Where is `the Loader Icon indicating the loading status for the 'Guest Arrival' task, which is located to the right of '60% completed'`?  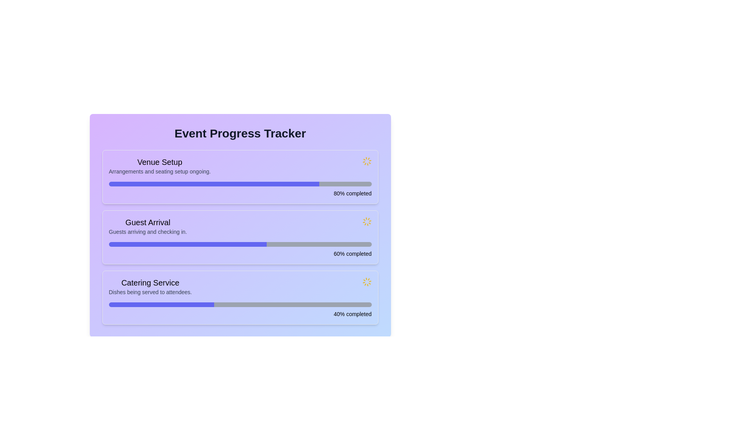
the Loader Icon indicating the loading status for the 'Guest Arrival' task, which is located to the right of '60% completed' is located at coordinates (366, 226).